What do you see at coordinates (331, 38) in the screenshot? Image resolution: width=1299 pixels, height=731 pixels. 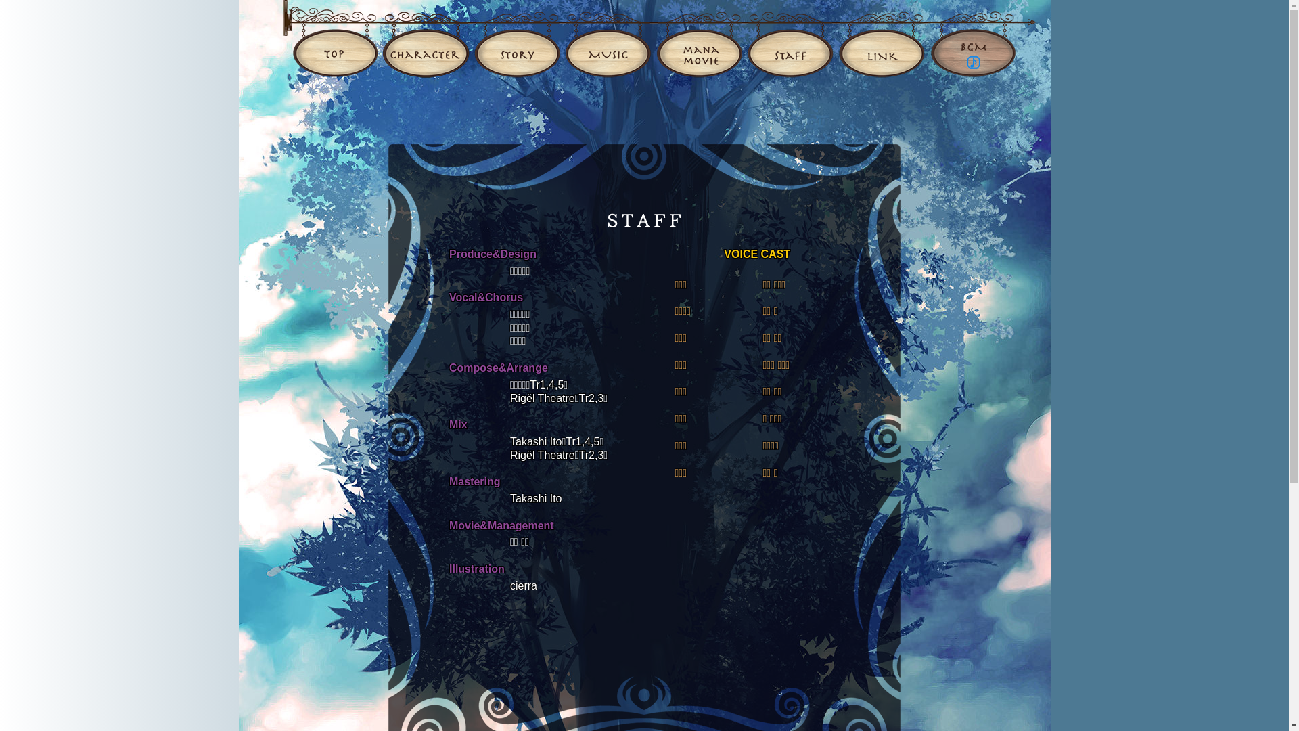 I see `'TOP'` at bounding box center [331, 38].